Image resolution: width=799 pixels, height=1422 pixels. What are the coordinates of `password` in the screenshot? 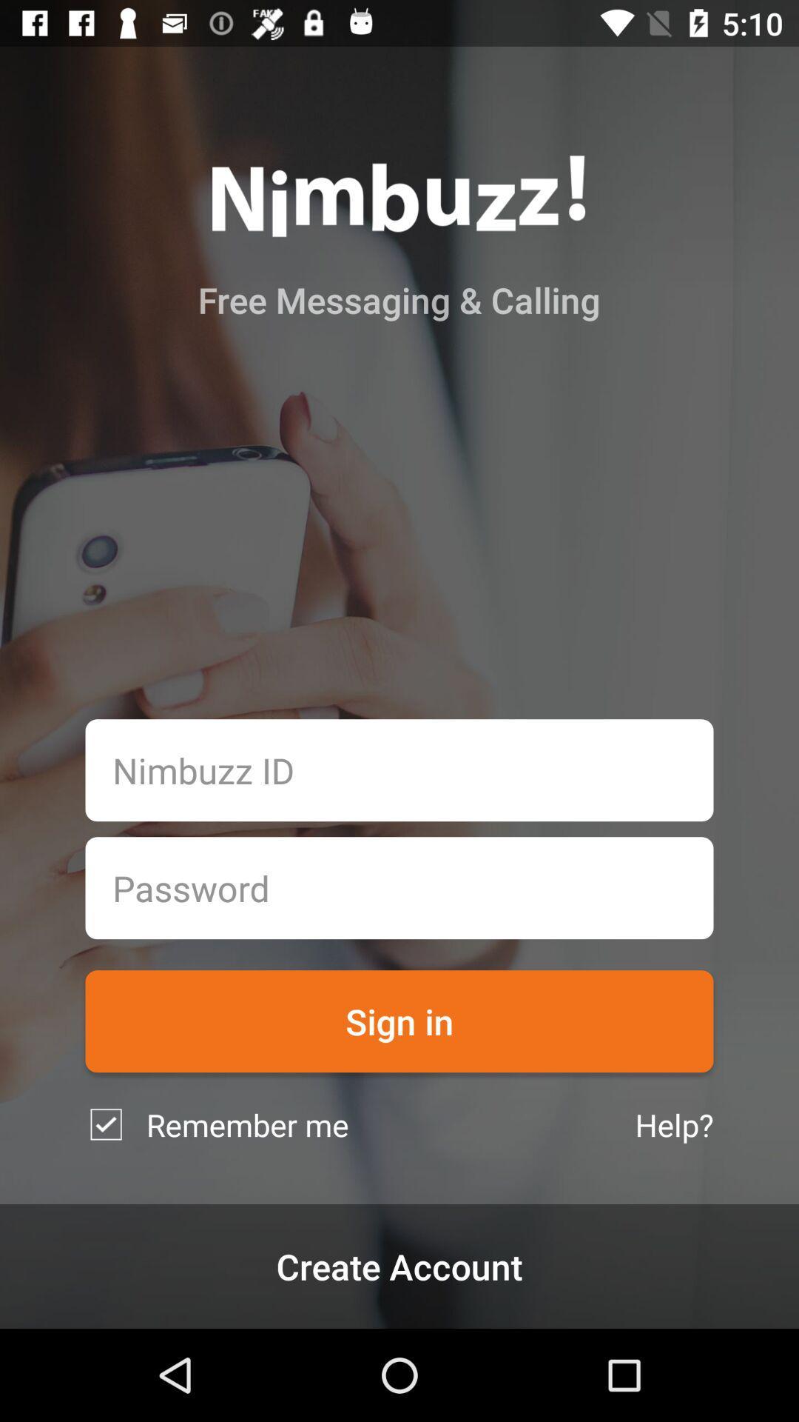 It's located at (399, 888).